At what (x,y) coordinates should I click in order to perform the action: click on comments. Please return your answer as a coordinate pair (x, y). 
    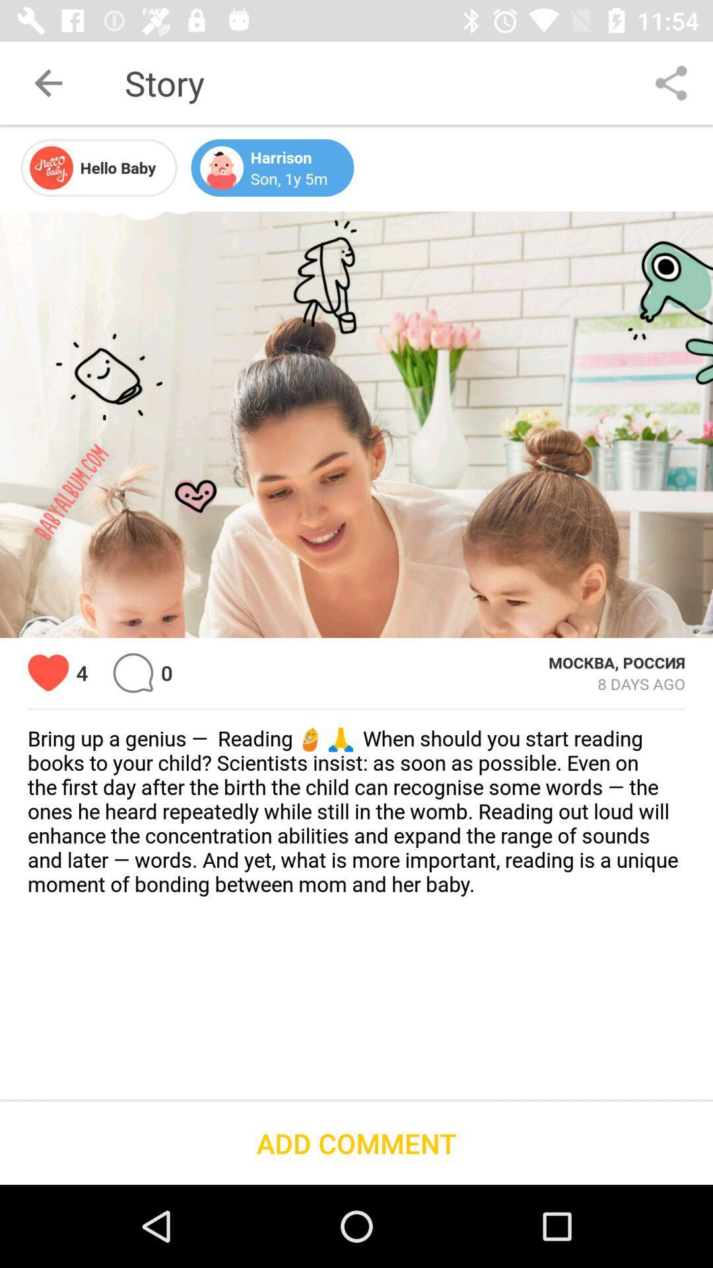
    Looking at the image, I should click on (133, 673).